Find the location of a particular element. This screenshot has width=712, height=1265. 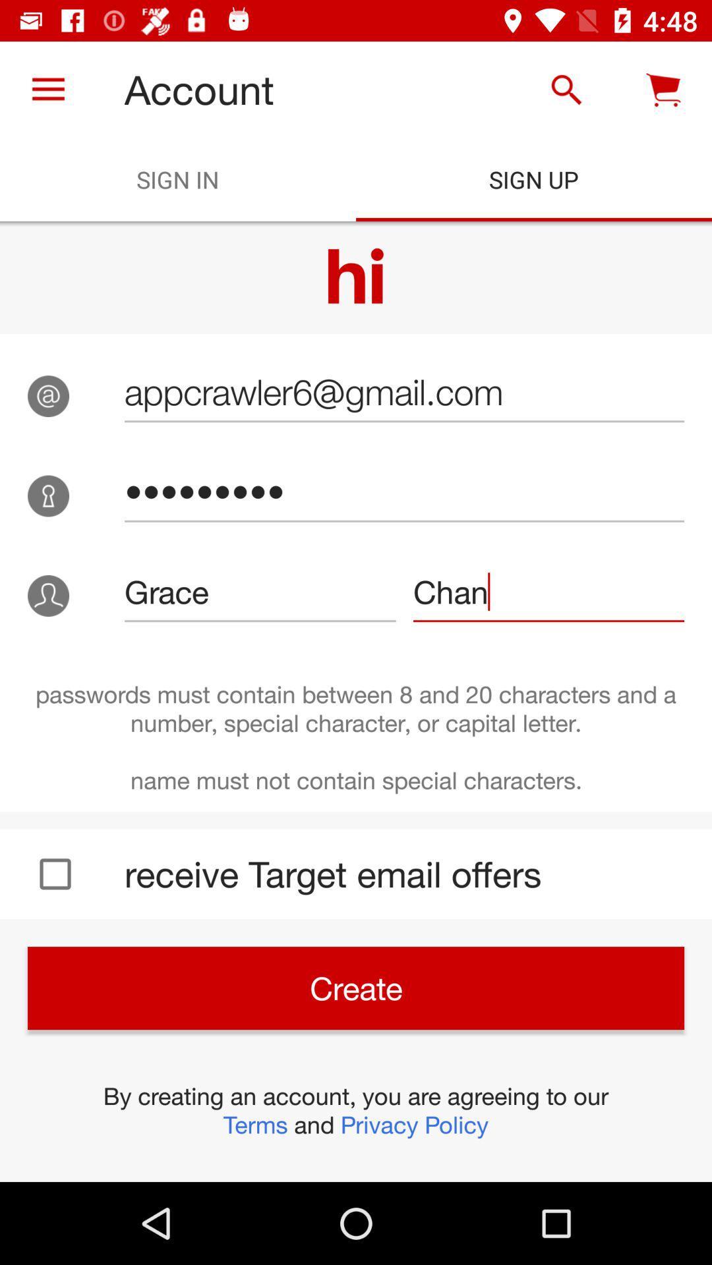

chan icon is located at coordinates (549, 591).